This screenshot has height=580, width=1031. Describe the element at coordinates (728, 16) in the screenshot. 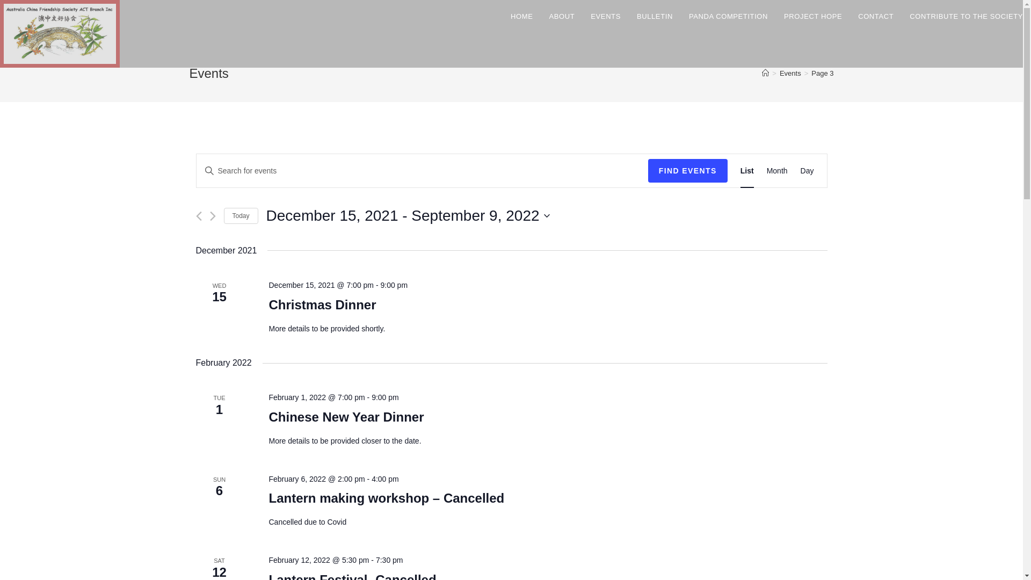

I see `'PANDA COMPETITION'` at that location.